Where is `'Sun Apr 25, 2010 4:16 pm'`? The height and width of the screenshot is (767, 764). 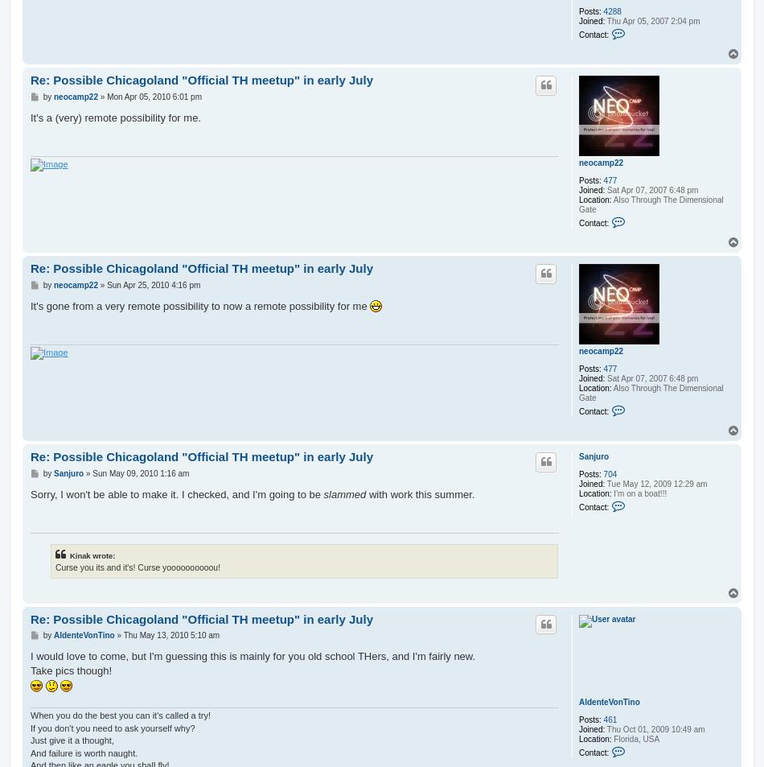
'Sun Apr 25, 2010 4:16 pm' is located at coordinates (107, 283).